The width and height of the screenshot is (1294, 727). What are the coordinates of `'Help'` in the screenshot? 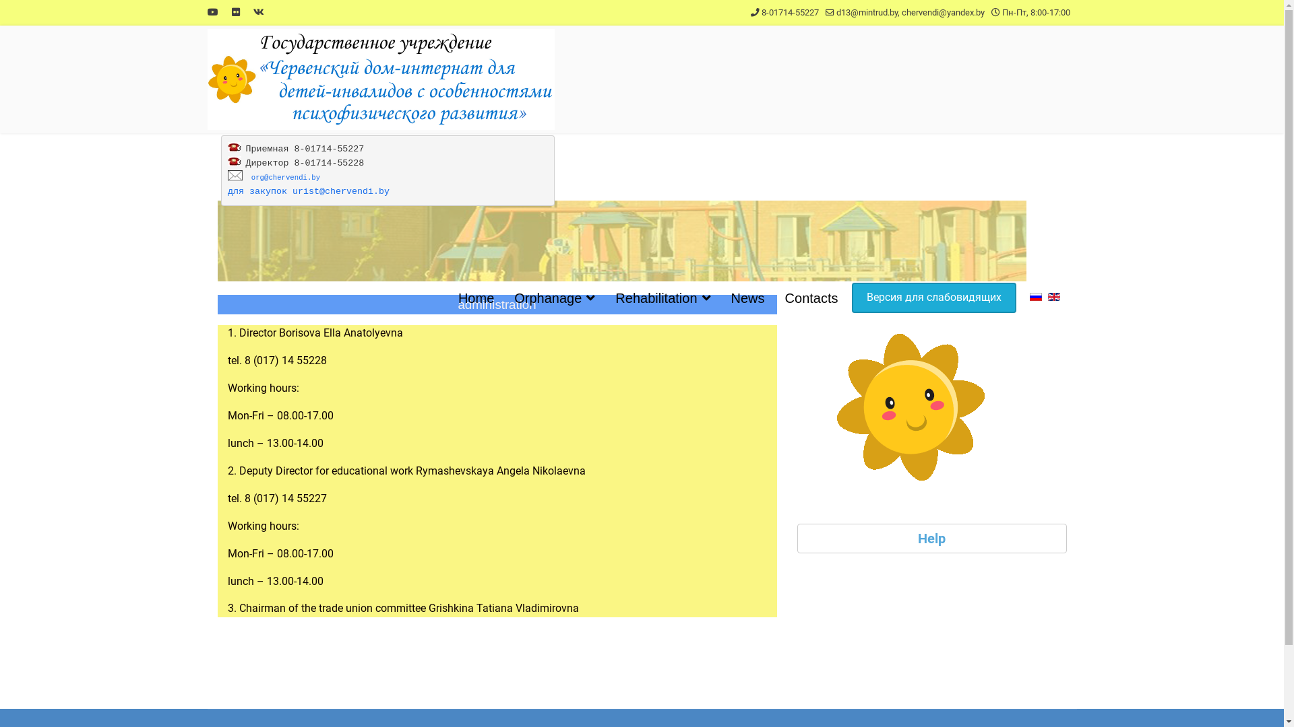 It's located at (931, 537).